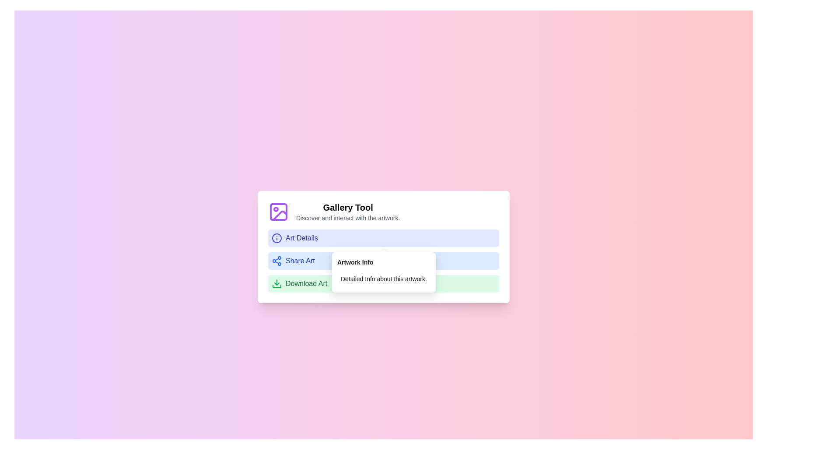 Image resolution: width=840 pixels, height=473 pixels. Describe the element at coordinates (276, 238) in the screenshot. I see `the circular blue-colored info icon with an 'i' symbol, located to the left of the 'Art Details' button group` at that location.